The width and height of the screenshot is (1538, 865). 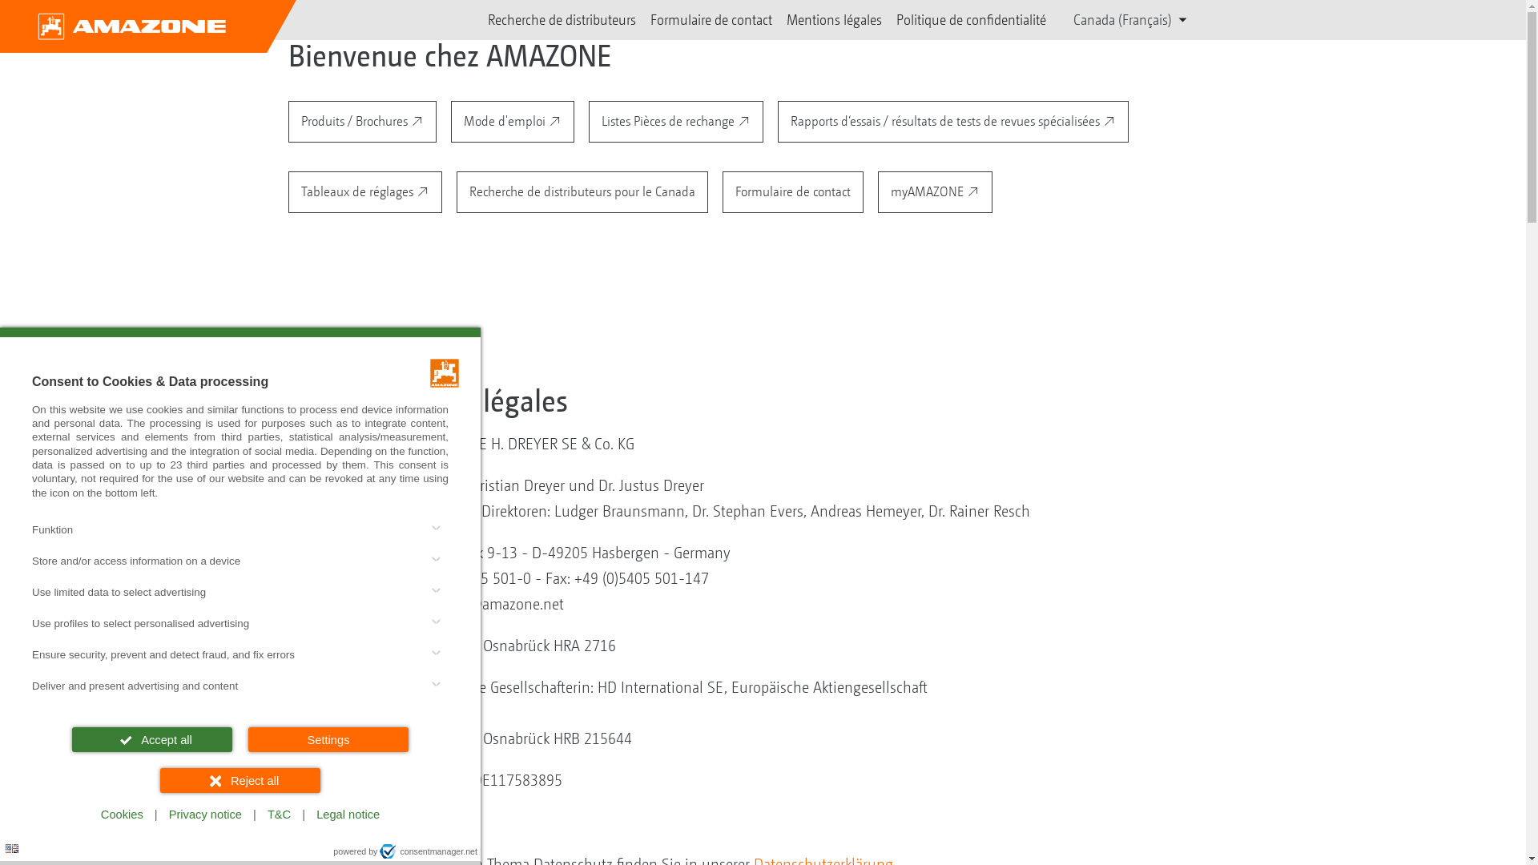 What do you see at coordinates (239, 779) in the screenshot?
I see `'Reject all'` at bounding box center [239, 779].